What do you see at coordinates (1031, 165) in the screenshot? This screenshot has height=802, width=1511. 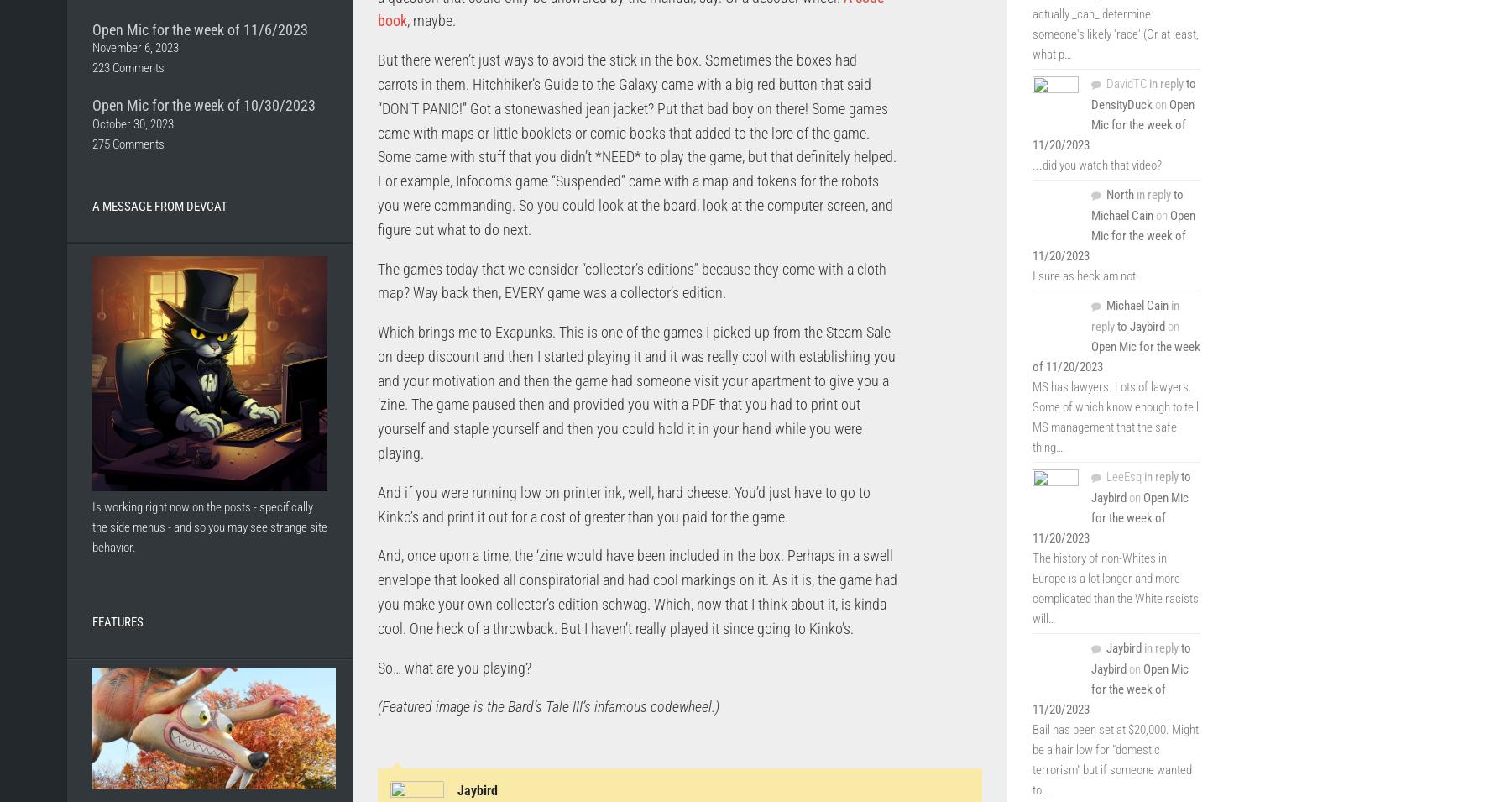 I see `'...did you watch that video?'` at bounding box center [1031, 165].